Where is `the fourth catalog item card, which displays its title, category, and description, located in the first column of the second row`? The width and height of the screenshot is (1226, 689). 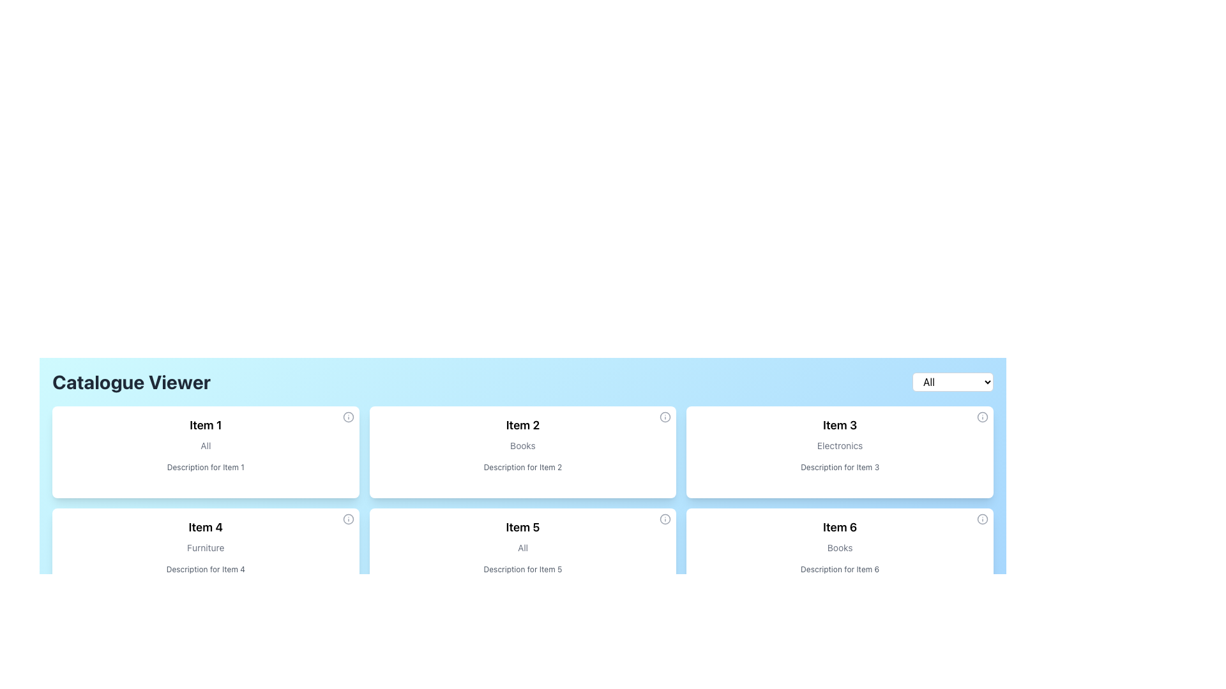
the fourth catalog item card, which displays its title, category, and description, located in the first column of the second row is located at coordinates (206, 553).